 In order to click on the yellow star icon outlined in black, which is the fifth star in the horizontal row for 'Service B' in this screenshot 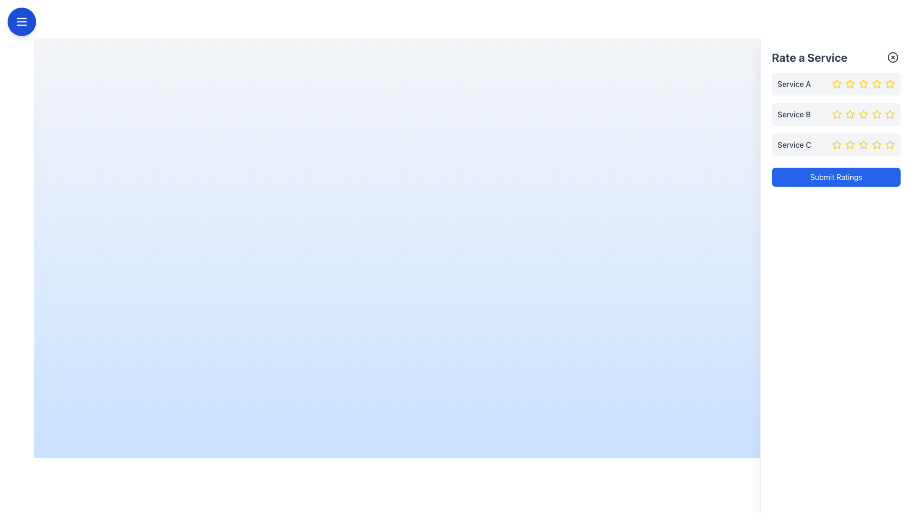, I will do `click(889, 114)`.